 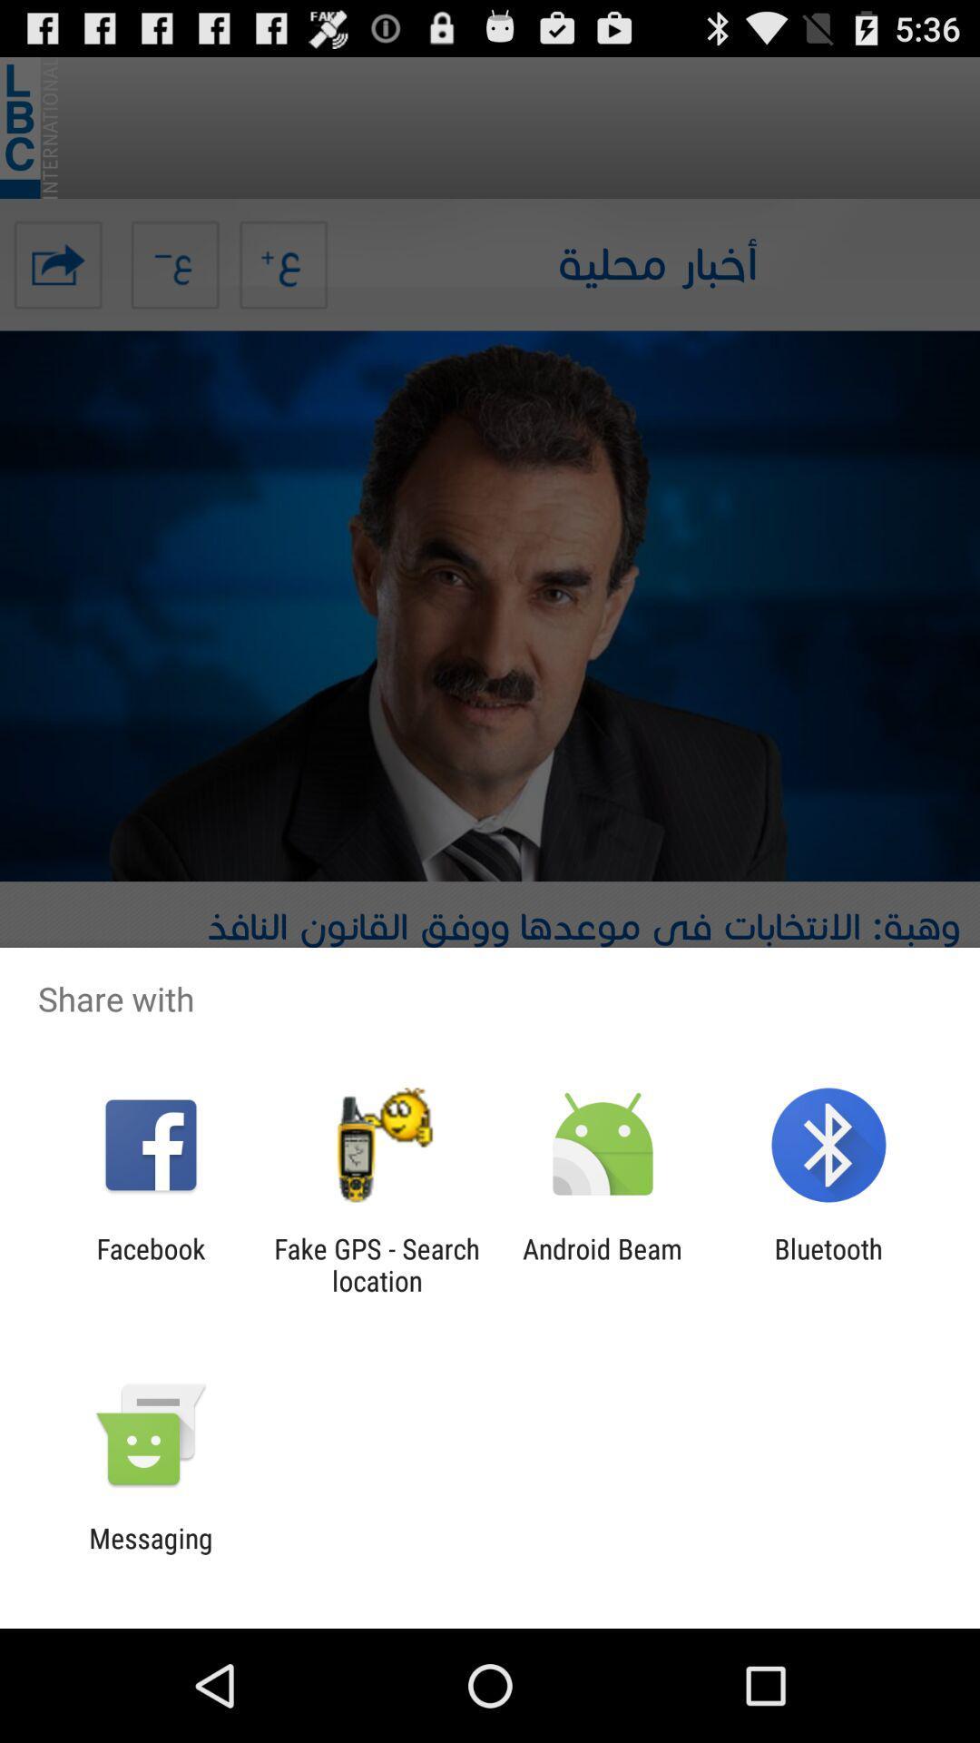 What do you see at coordinates (150, 1553) in the screenshot?
I see `the messaging` at bounding box center [150, 1553].